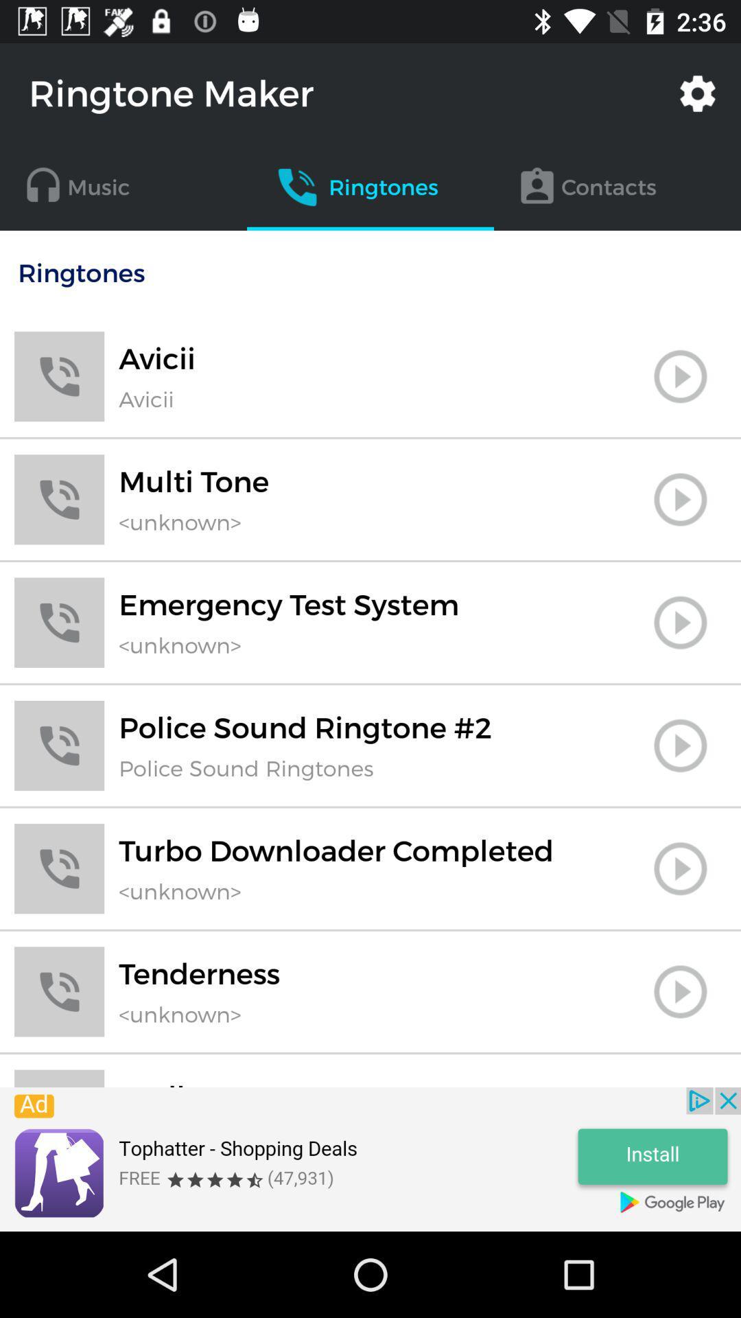 The width and height of the screenshot is (741, 1318). Describe the element at coordinates (680, 868) in the screenshot. I see `any document downloader finished` at that location.